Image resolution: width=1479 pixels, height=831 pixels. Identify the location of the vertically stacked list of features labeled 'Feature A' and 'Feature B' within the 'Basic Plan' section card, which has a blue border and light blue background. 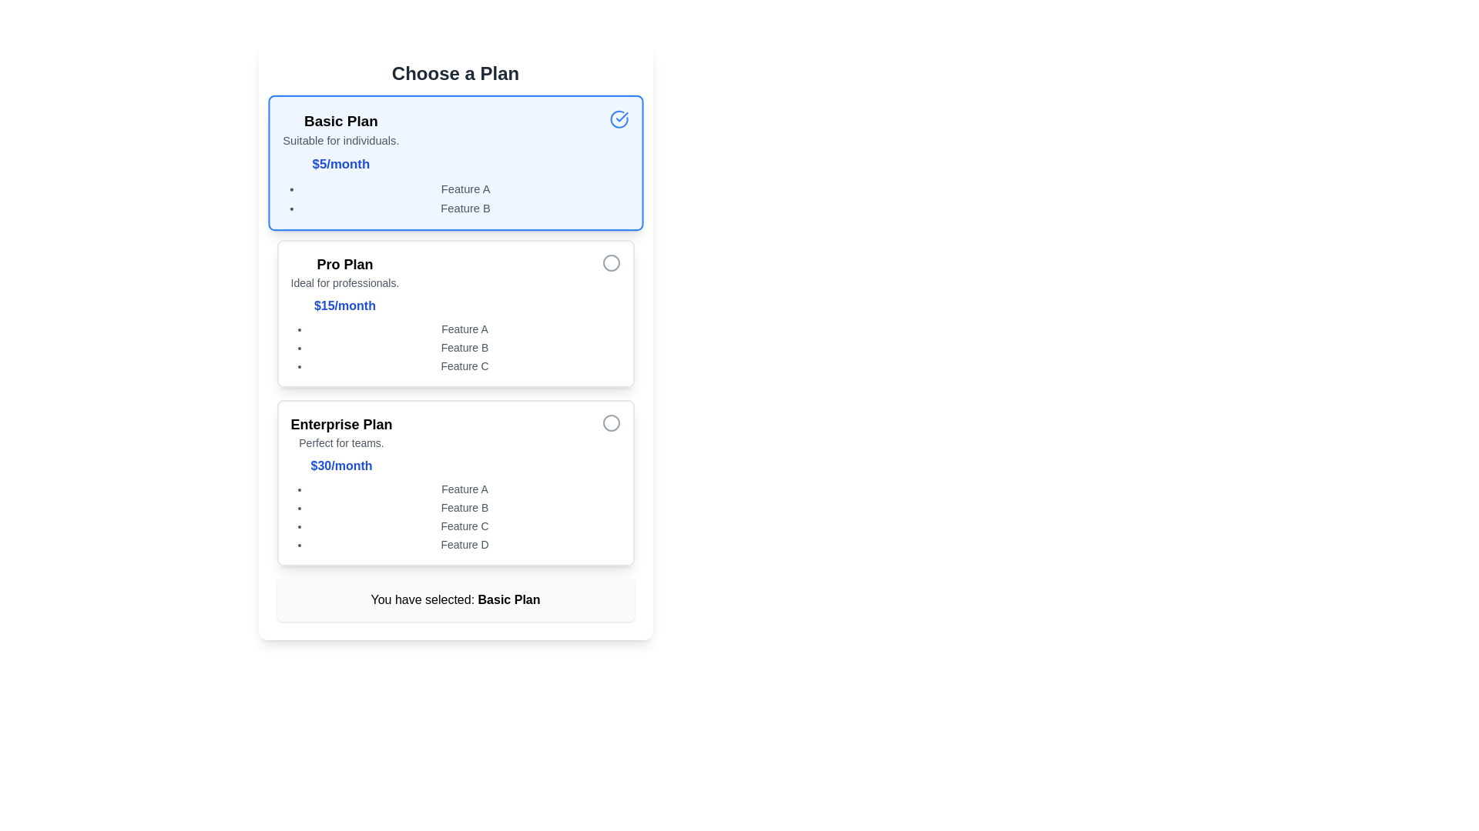
(454, 198).